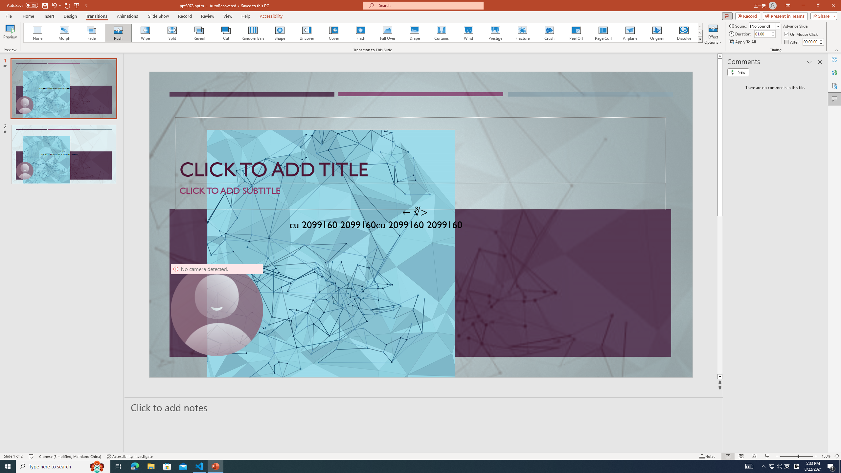 This screenshot has height=473, width=841. Describe the element at coordinates (420, 150) in the screenshot. I see `'Title TextBox'` at that location.